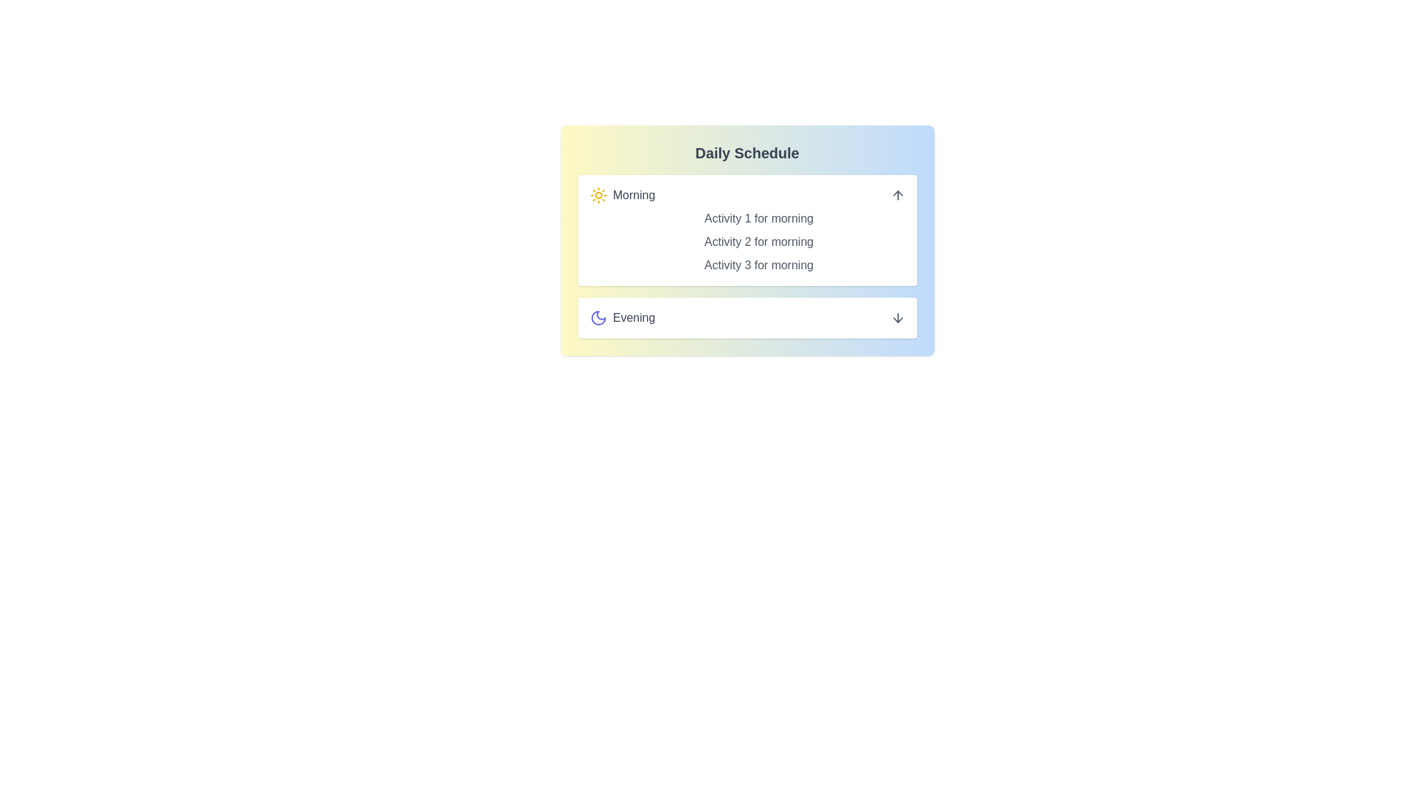  I want to click on the ArrowDown icon to toggle the corresponding schedule section, so click(897, 317).